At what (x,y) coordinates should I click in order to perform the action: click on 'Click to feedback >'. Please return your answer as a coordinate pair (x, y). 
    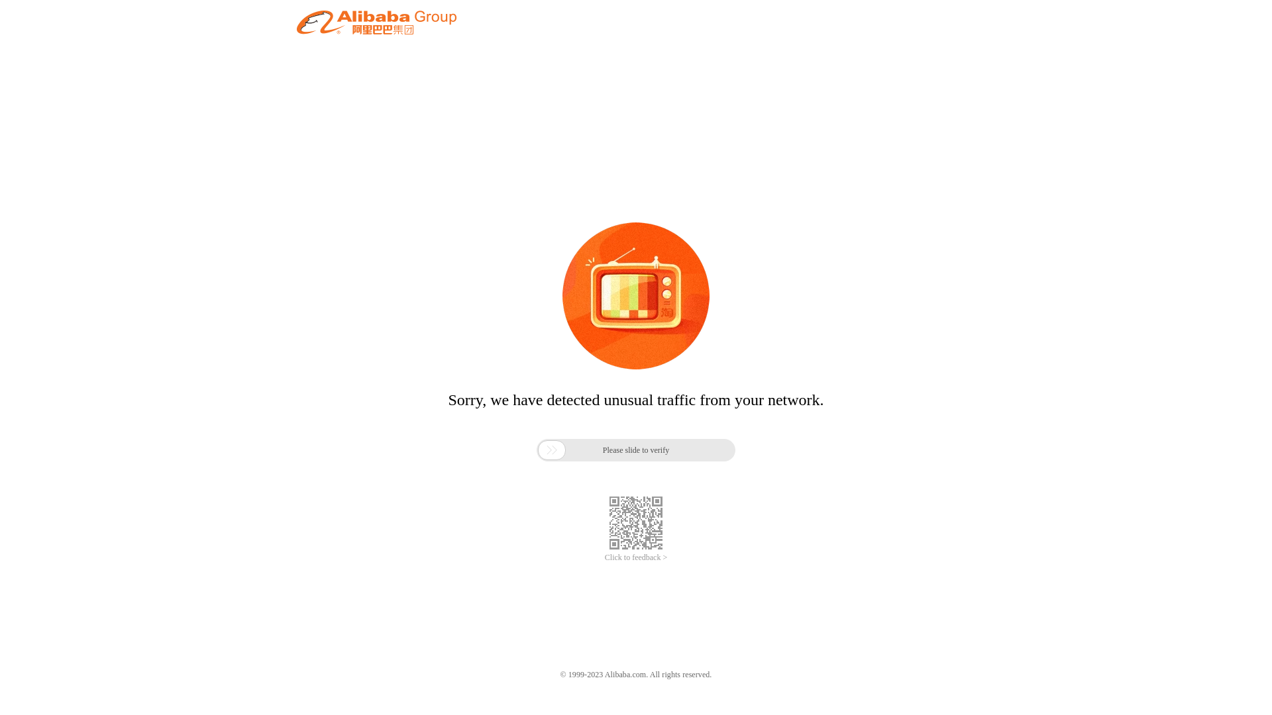
    Looking at the image, I should click on (604, 557).